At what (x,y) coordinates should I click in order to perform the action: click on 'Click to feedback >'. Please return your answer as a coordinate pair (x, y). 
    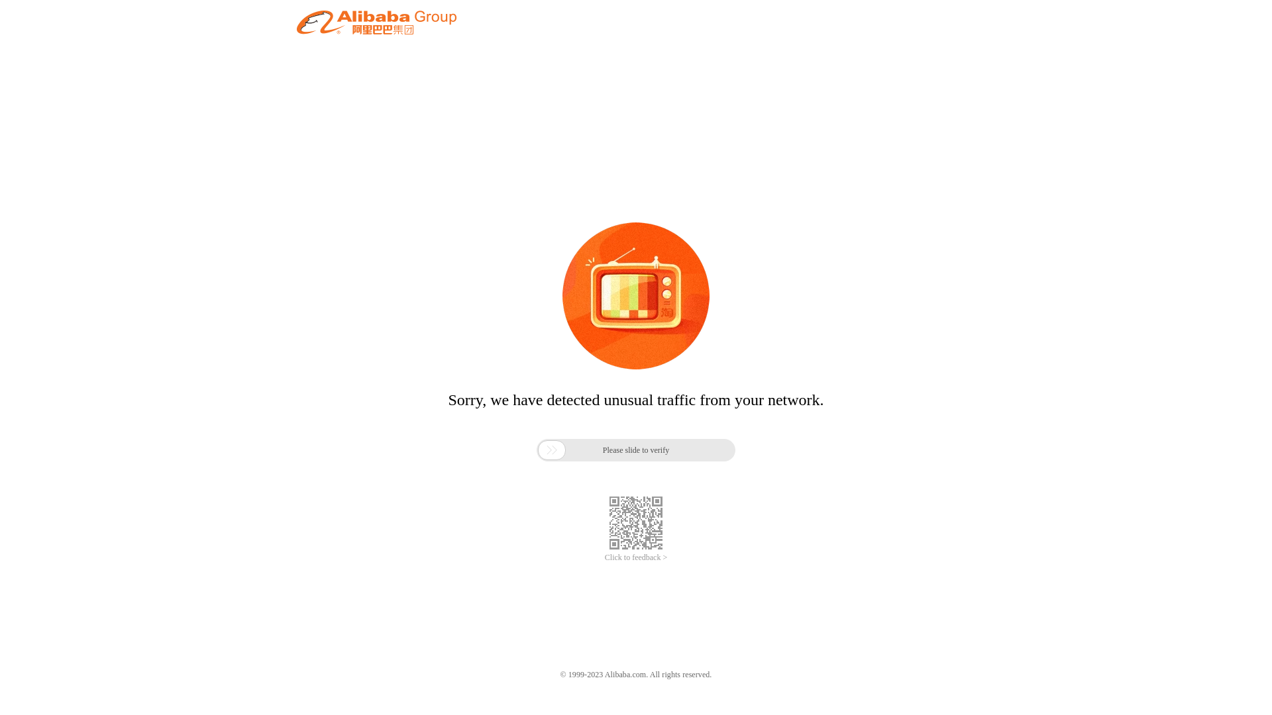
    Looking at the image, I should click on (604, 557).